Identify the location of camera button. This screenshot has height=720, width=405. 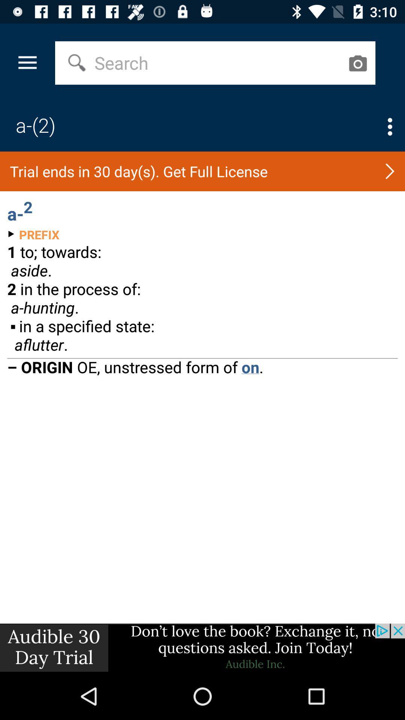
(357, 63).